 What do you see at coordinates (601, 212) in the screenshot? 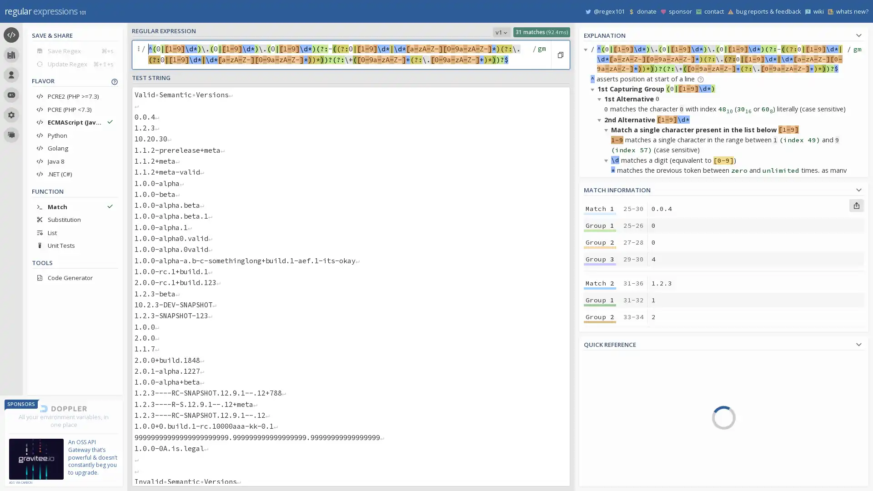
I see `Collapse Subtree` at bounding box center [601, 212].